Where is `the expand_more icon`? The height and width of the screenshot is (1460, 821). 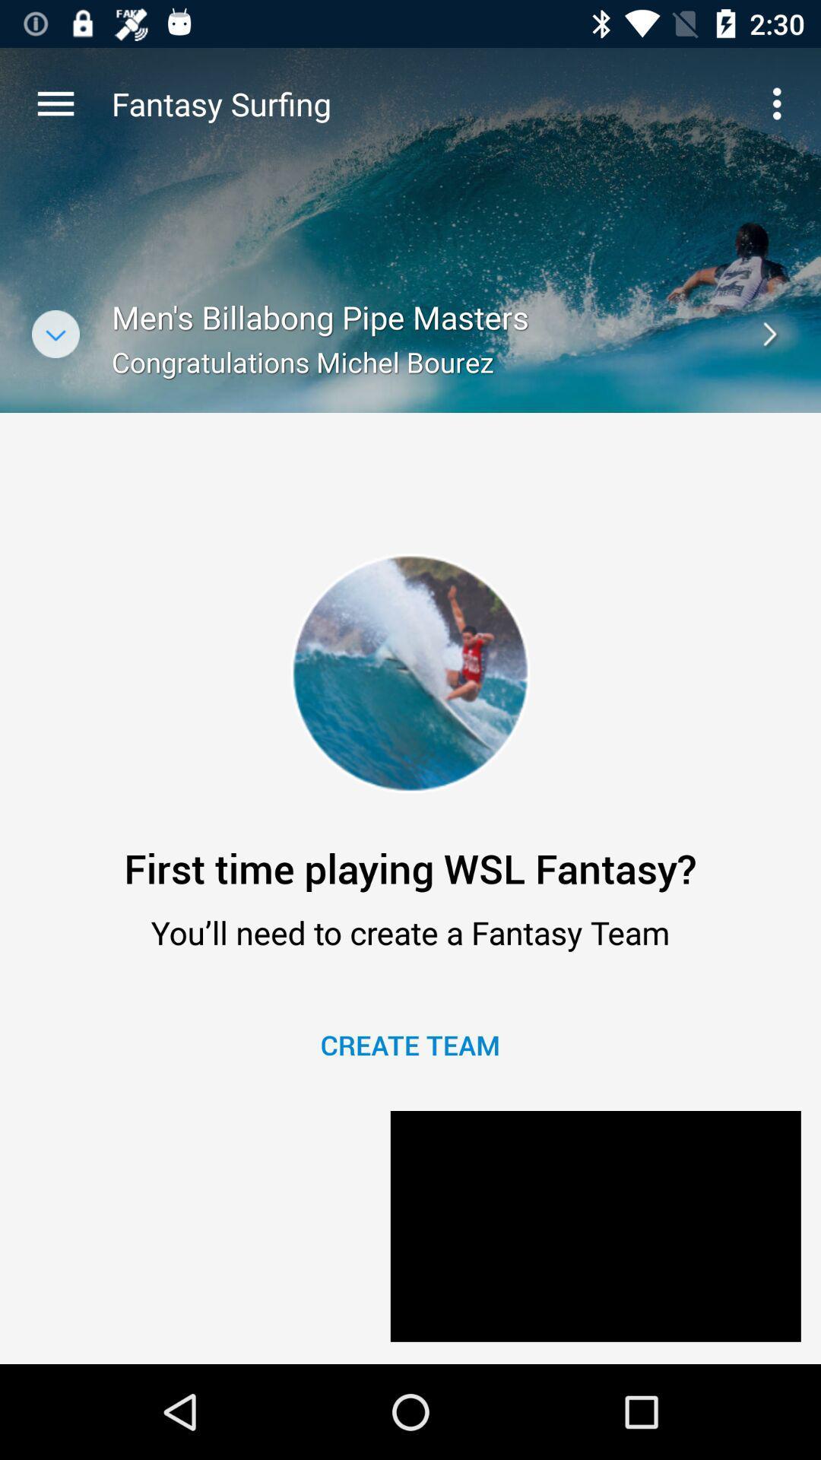
the expand_more icon is located at coordinates (55, 333).